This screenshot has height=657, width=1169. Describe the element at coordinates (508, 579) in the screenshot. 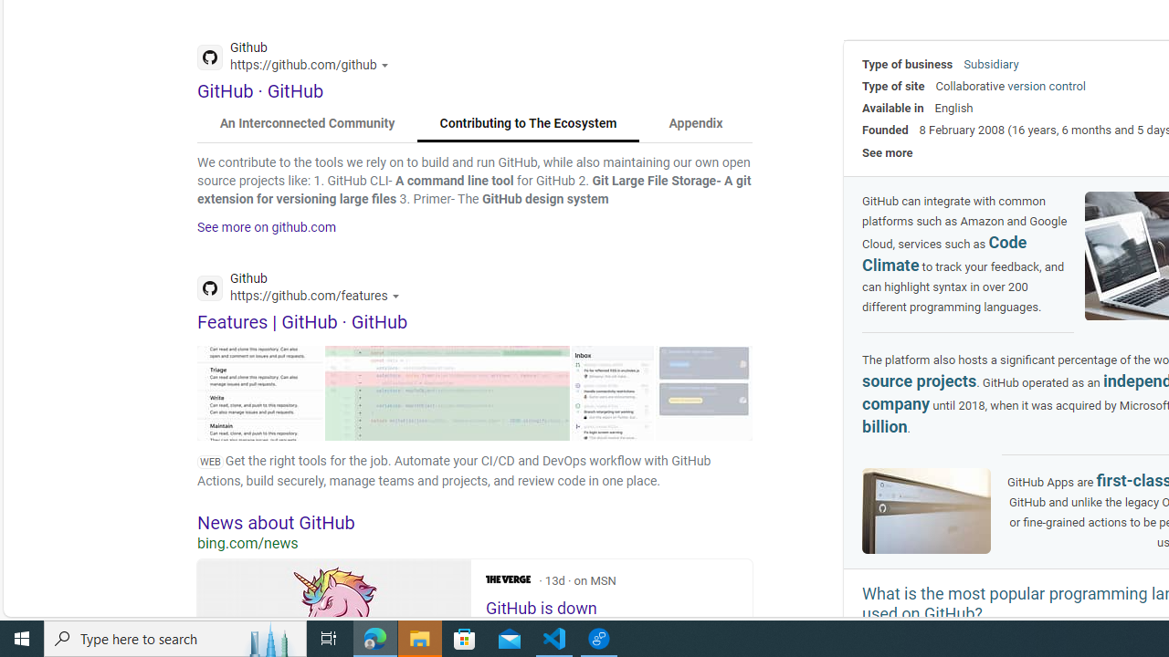

I see `'The Verge on MSN.com'` at that location.